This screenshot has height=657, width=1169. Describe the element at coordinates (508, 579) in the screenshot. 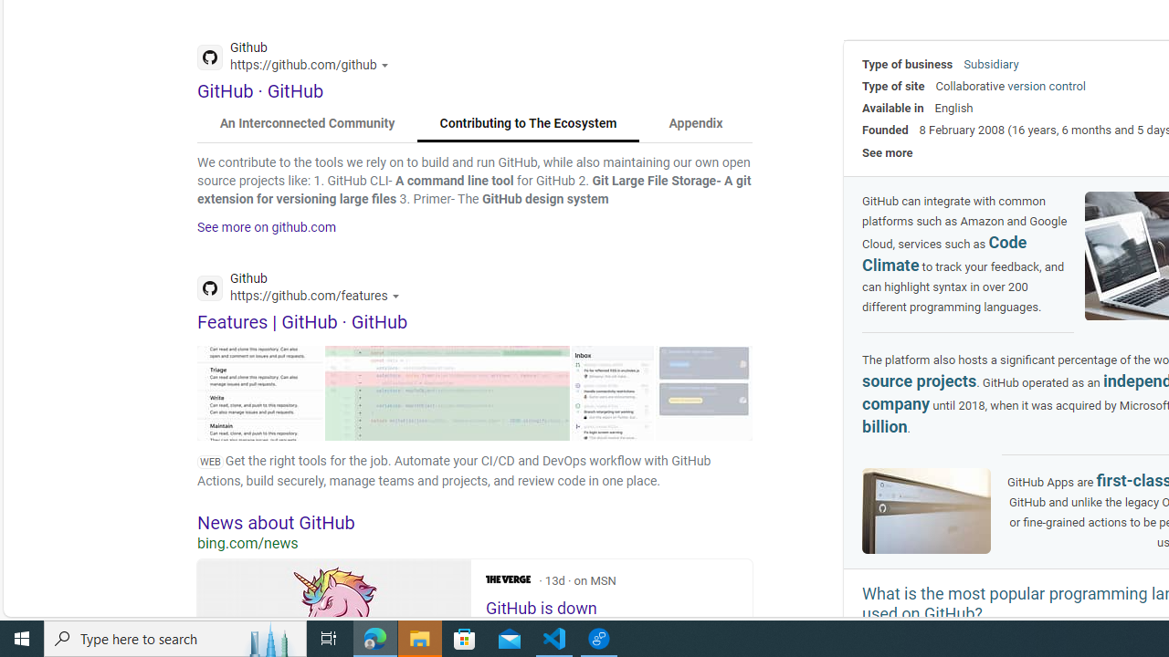

I see `'The Verge on MSN.com'` at that location.